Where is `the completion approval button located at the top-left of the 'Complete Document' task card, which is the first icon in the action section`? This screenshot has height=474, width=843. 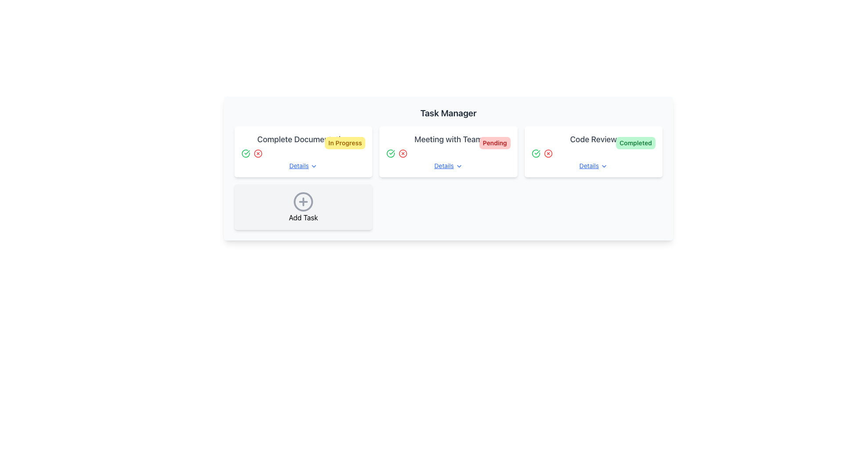
the completion approval button located at the top-left of the 'Complete Document' task card, which is the first icon in the action section is located at coordinates (246, 153).